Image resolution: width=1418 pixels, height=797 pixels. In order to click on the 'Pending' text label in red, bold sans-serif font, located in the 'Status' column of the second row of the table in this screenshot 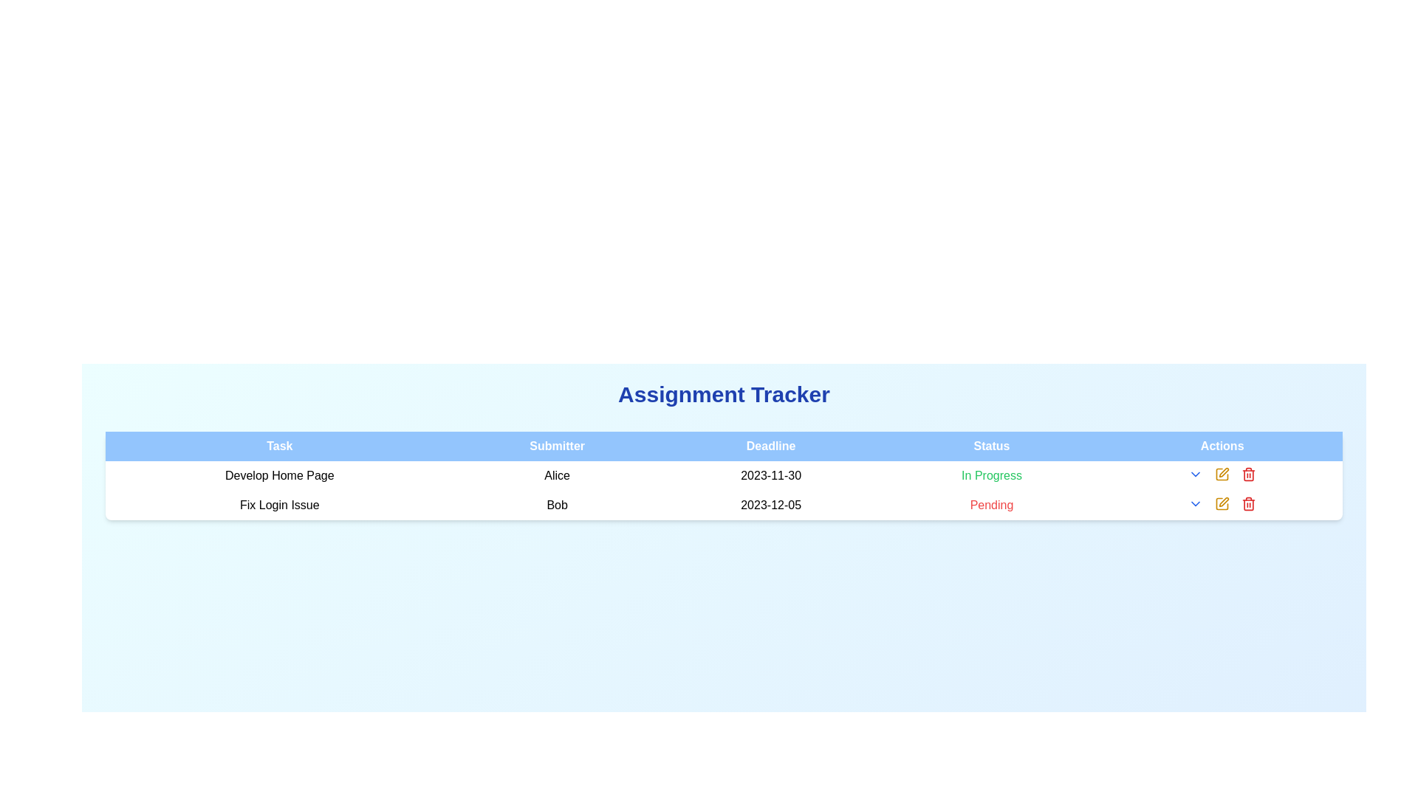, I will do `click(992, 505)`.